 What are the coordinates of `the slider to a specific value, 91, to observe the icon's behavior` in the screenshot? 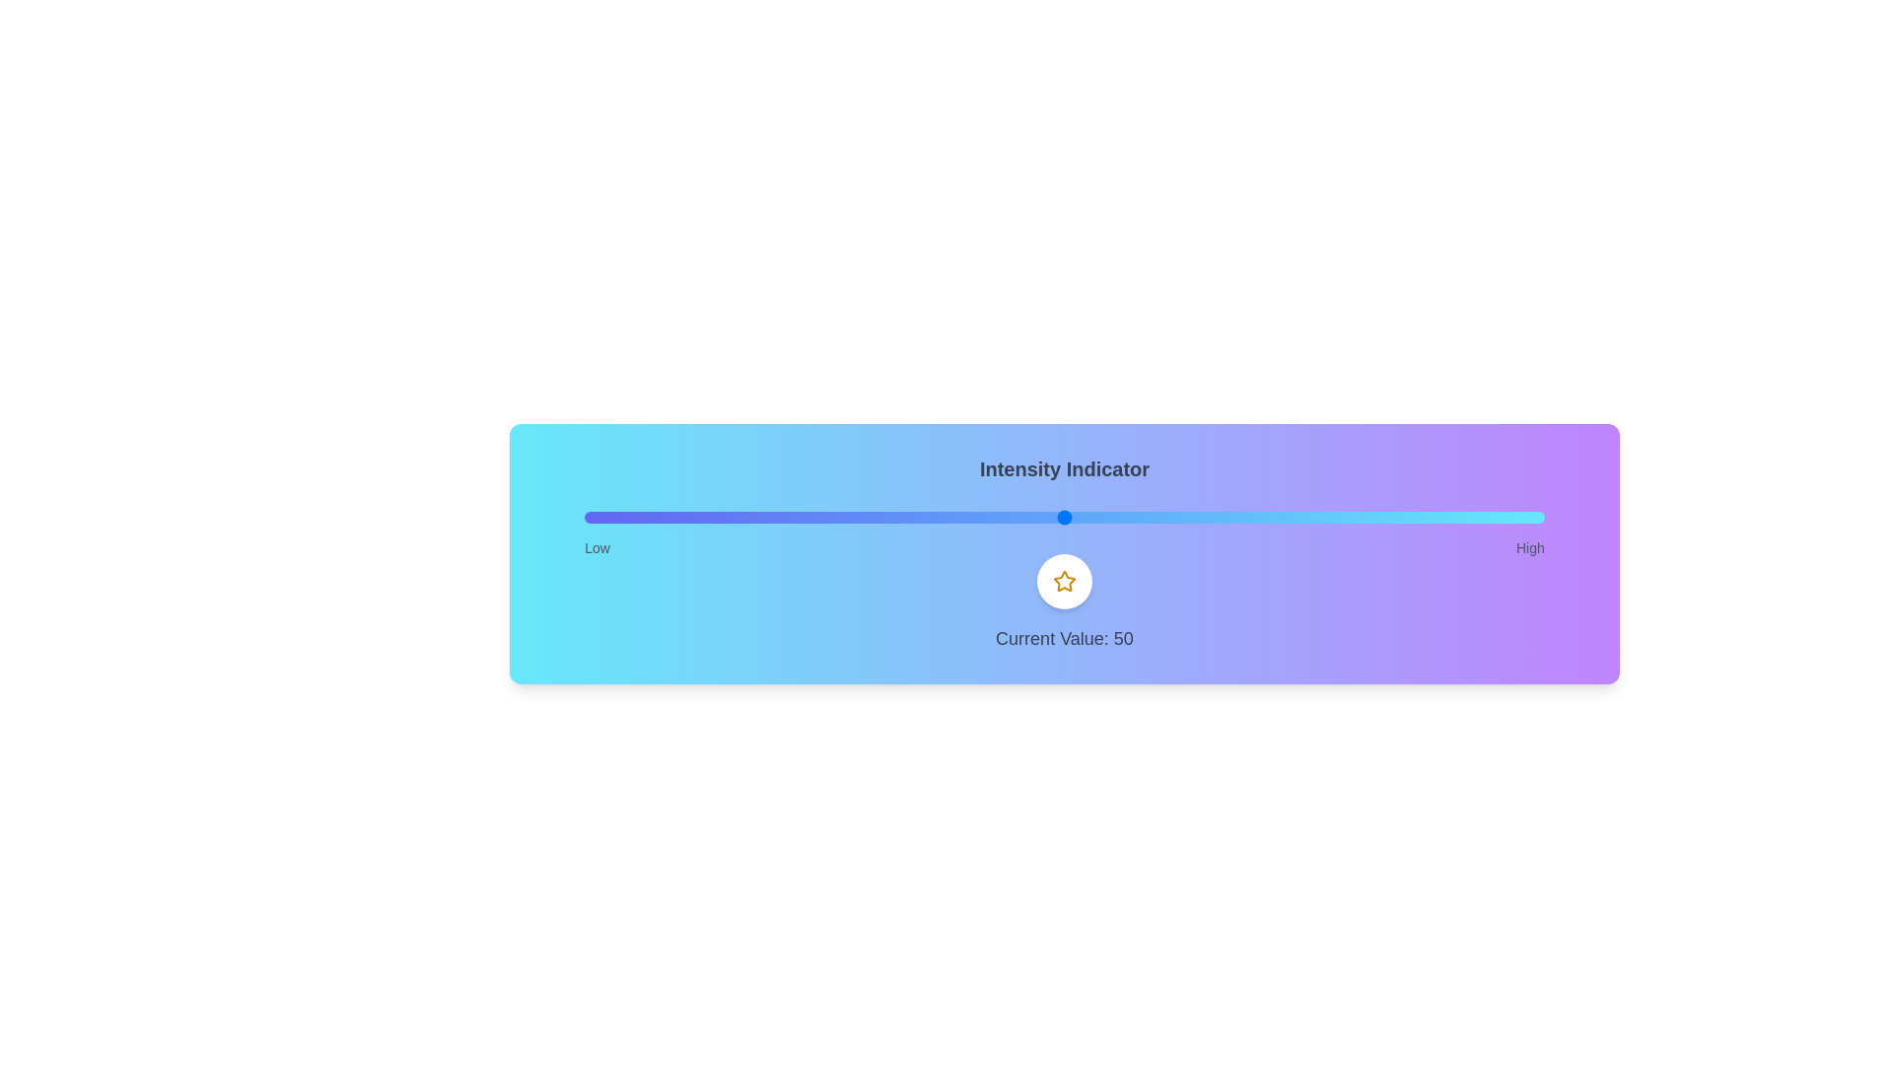 It's located at (1458, 516).